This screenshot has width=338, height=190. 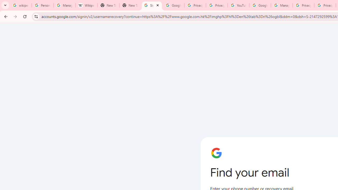 I want to click on 'Personalization & Google Search results - Google Search Help', so click(x=43, y=5).